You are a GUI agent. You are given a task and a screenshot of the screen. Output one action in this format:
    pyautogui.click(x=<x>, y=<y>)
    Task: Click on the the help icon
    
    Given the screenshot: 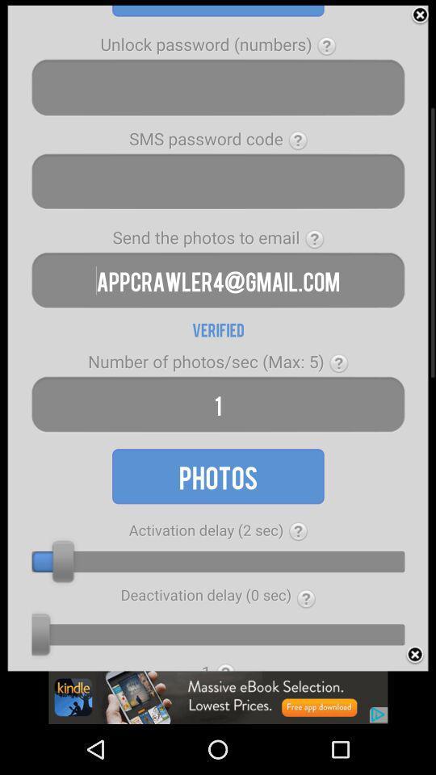 What is the action you would take?
    pyautogui.click(x=326, y=49)
    